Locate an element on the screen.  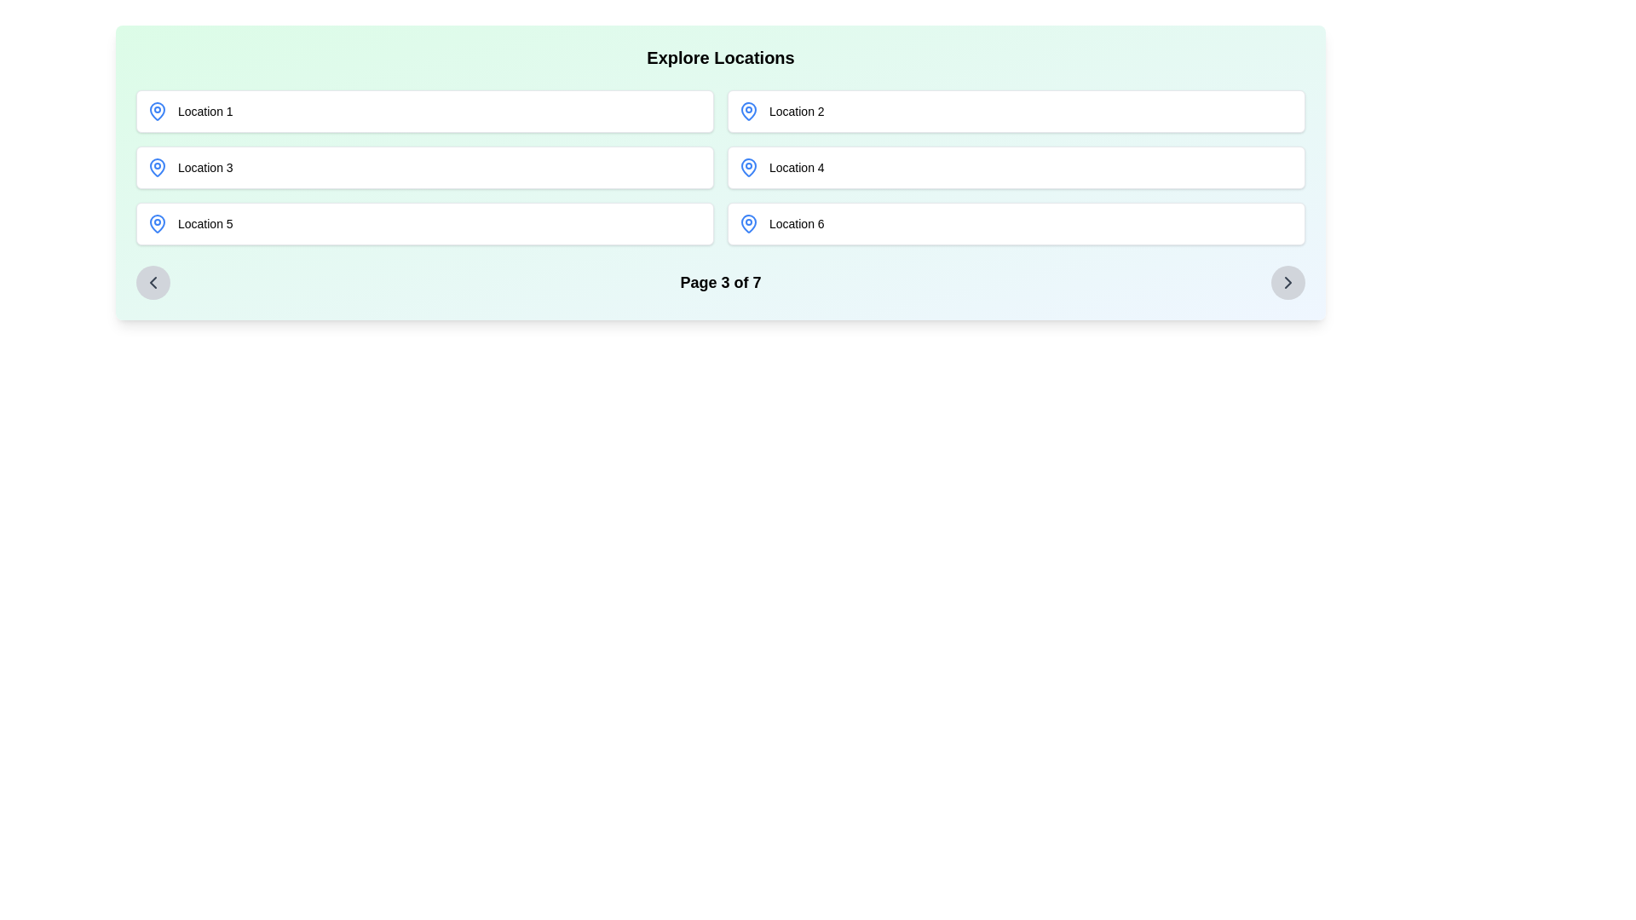
the location pin icon associated with 'Location 5', which is positioned on the left side of the list item is located at coordinates (158, 222).